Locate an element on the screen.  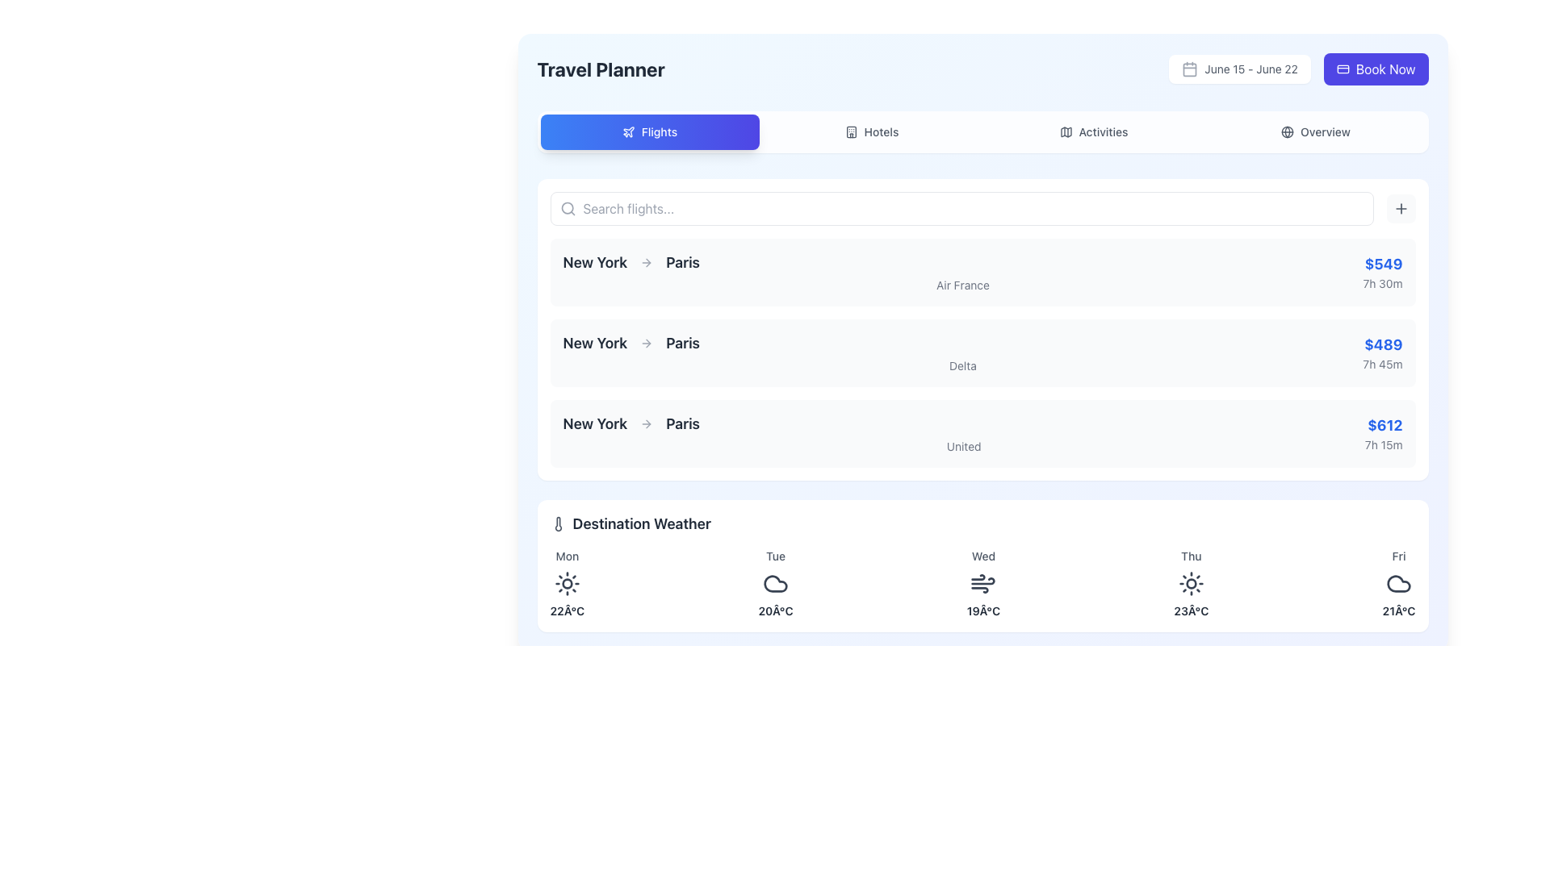
the date range text display located at the top-right corner of the interface, inside a white rectangular card with rounded edges, adjacent to the blue 'Book Now' button and containing a small calendar icon on its left is located at coordinates (1250, 68).